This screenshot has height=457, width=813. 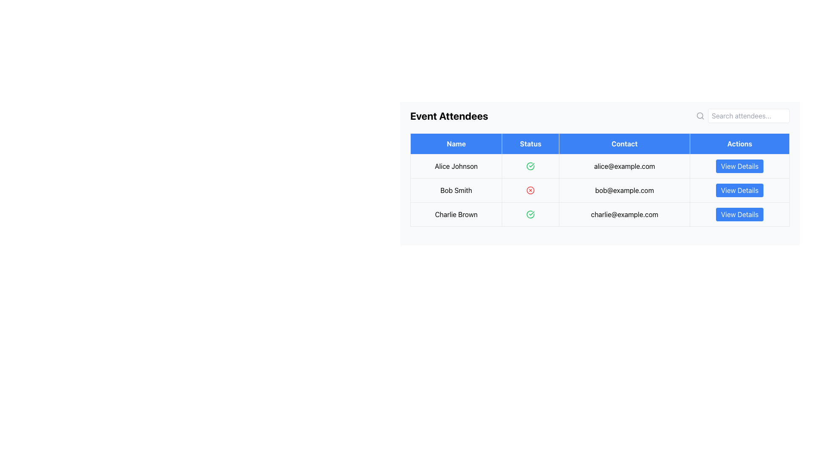 I want to click on the magnifying glass icon located in the top-right corner of the interface, which is styled in a simple outline format and is grayish in color, to activate search functionality, so click(x=700, y=116).